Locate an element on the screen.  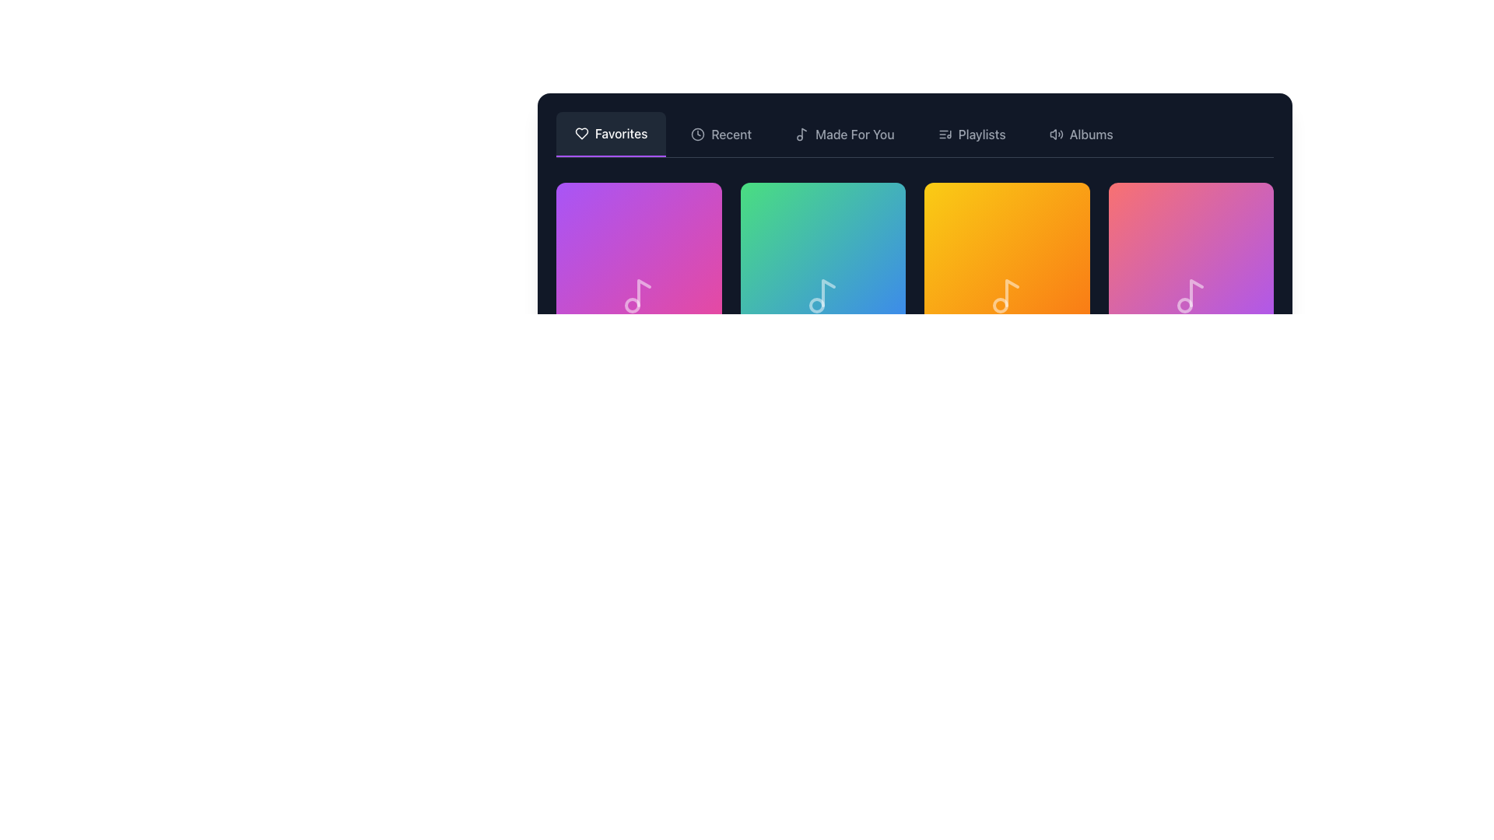
the decorative circular element located at the bottom left of the music note icon within the album tile interface is located at coordinates (633, 306).